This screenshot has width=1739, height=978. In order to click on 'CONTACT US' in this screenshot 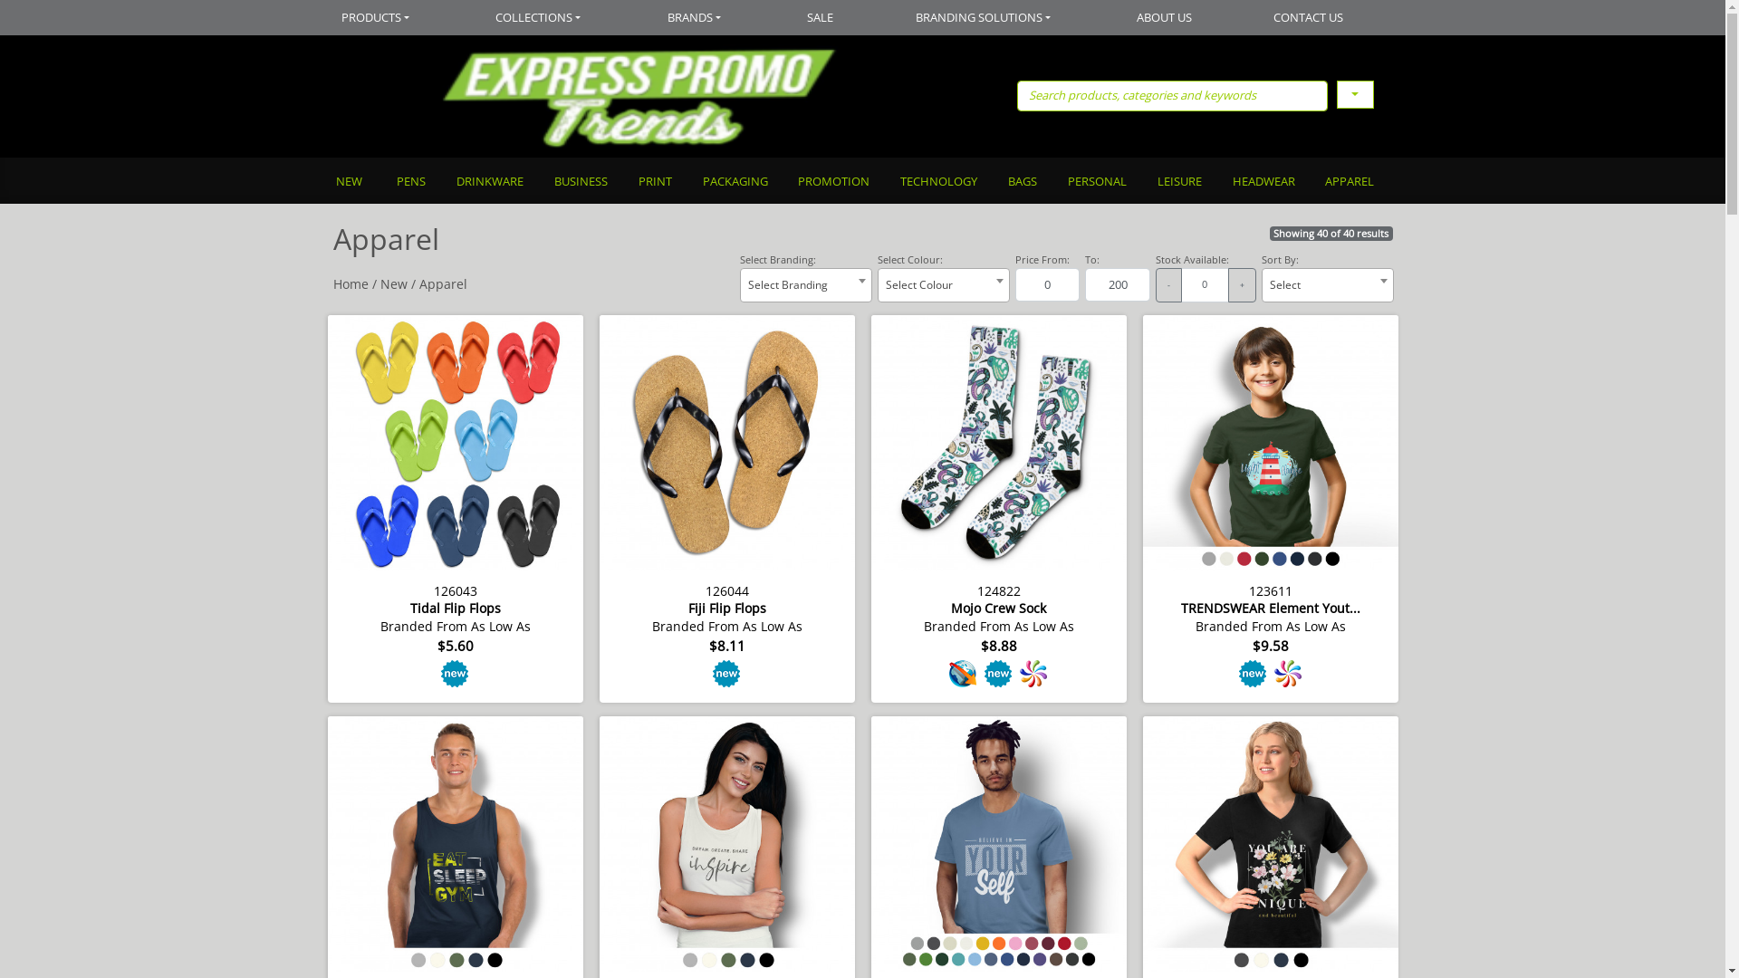, I will do `click(1309, 17)`.